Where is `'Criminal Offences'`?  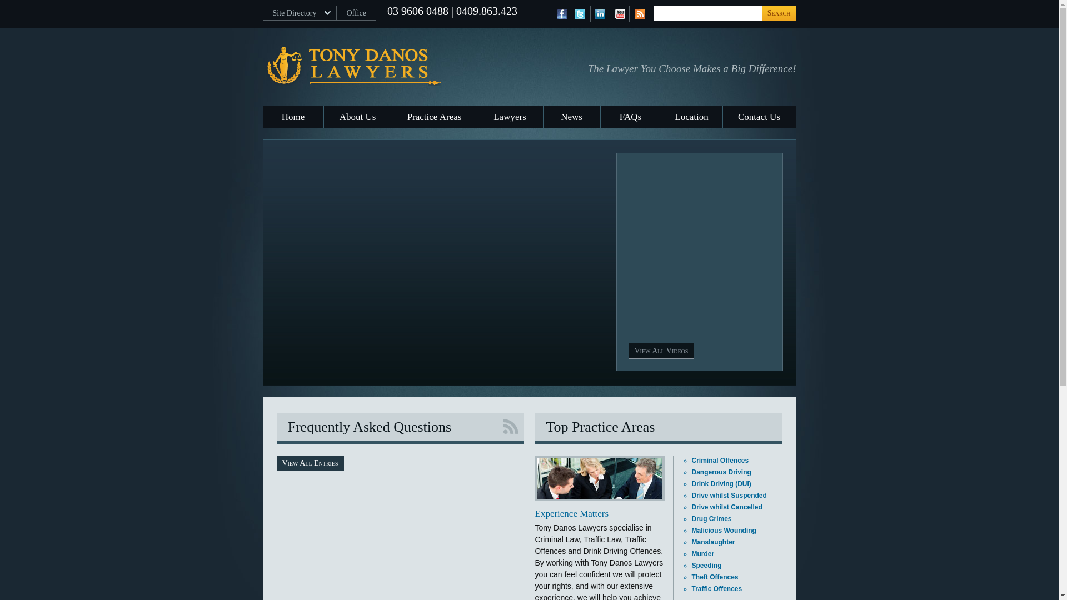
'Criminal Offences' is located at coordinates (720, 461).